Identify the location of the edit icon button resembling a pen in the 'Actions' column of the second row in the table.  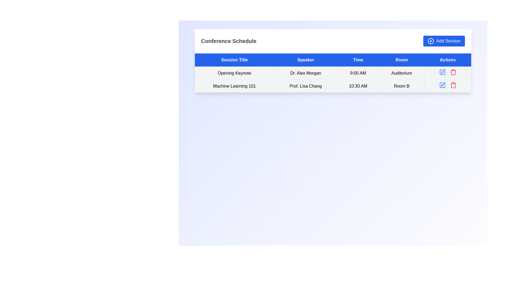
(443, 84).